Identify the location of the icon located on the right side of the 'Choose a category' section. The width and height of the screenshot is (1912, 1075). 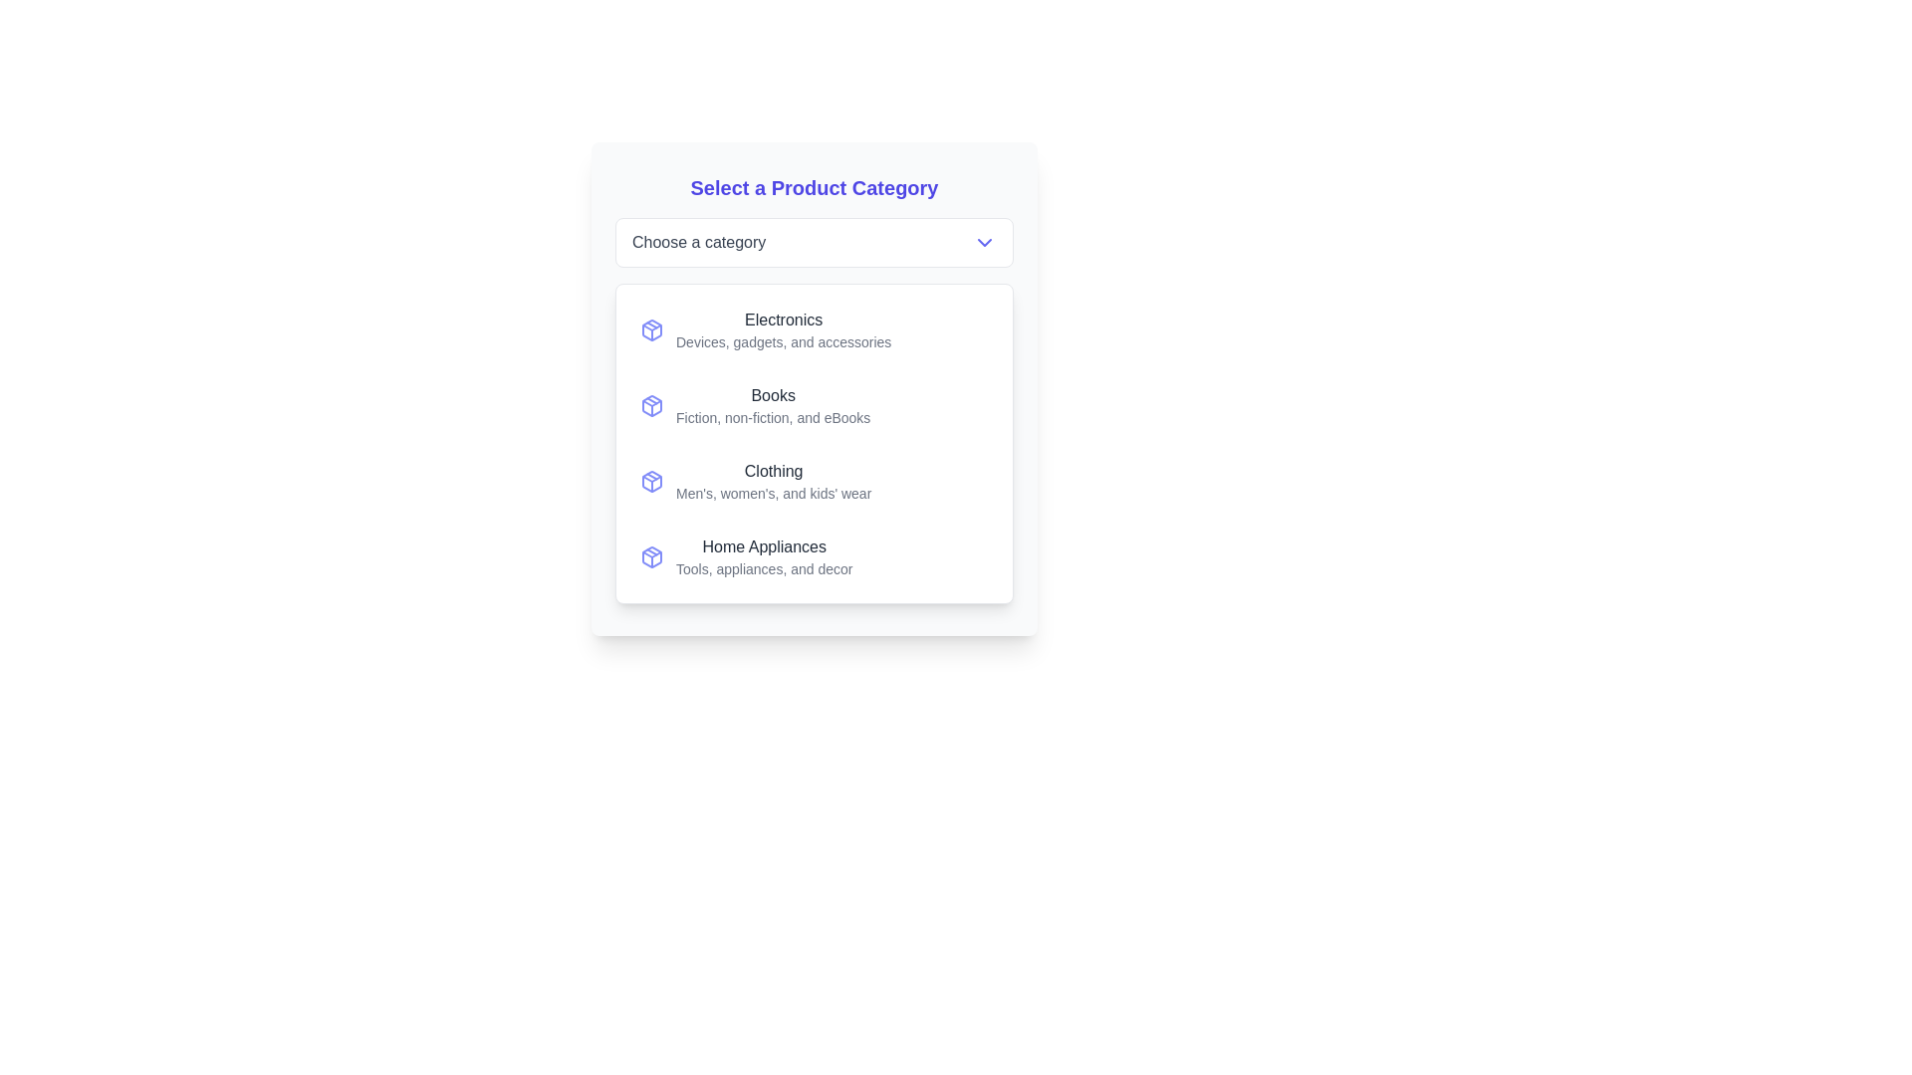
(984, 241).